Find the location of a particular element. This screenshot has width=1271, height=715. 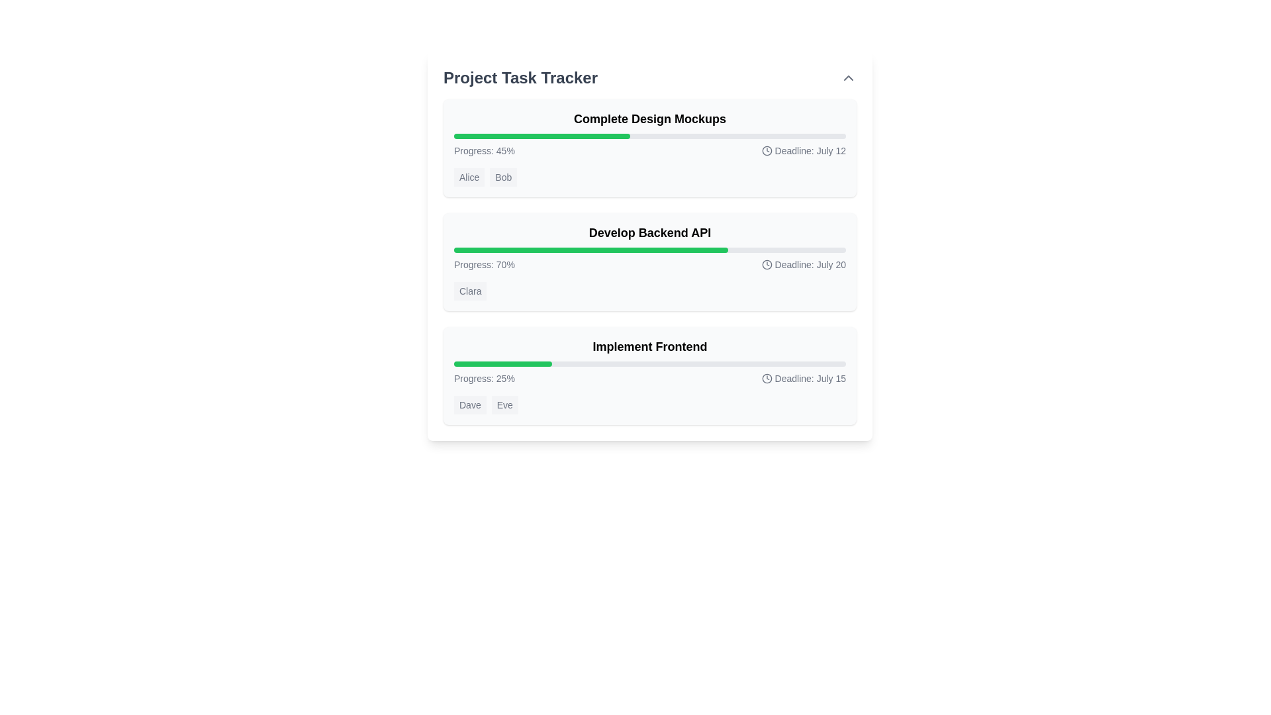

text of the label element displaying 'Dave', which is located in the bottom section of the 'Implement Frontend' task card, to the left of 'Eve' is located at coordinates (470, 405).